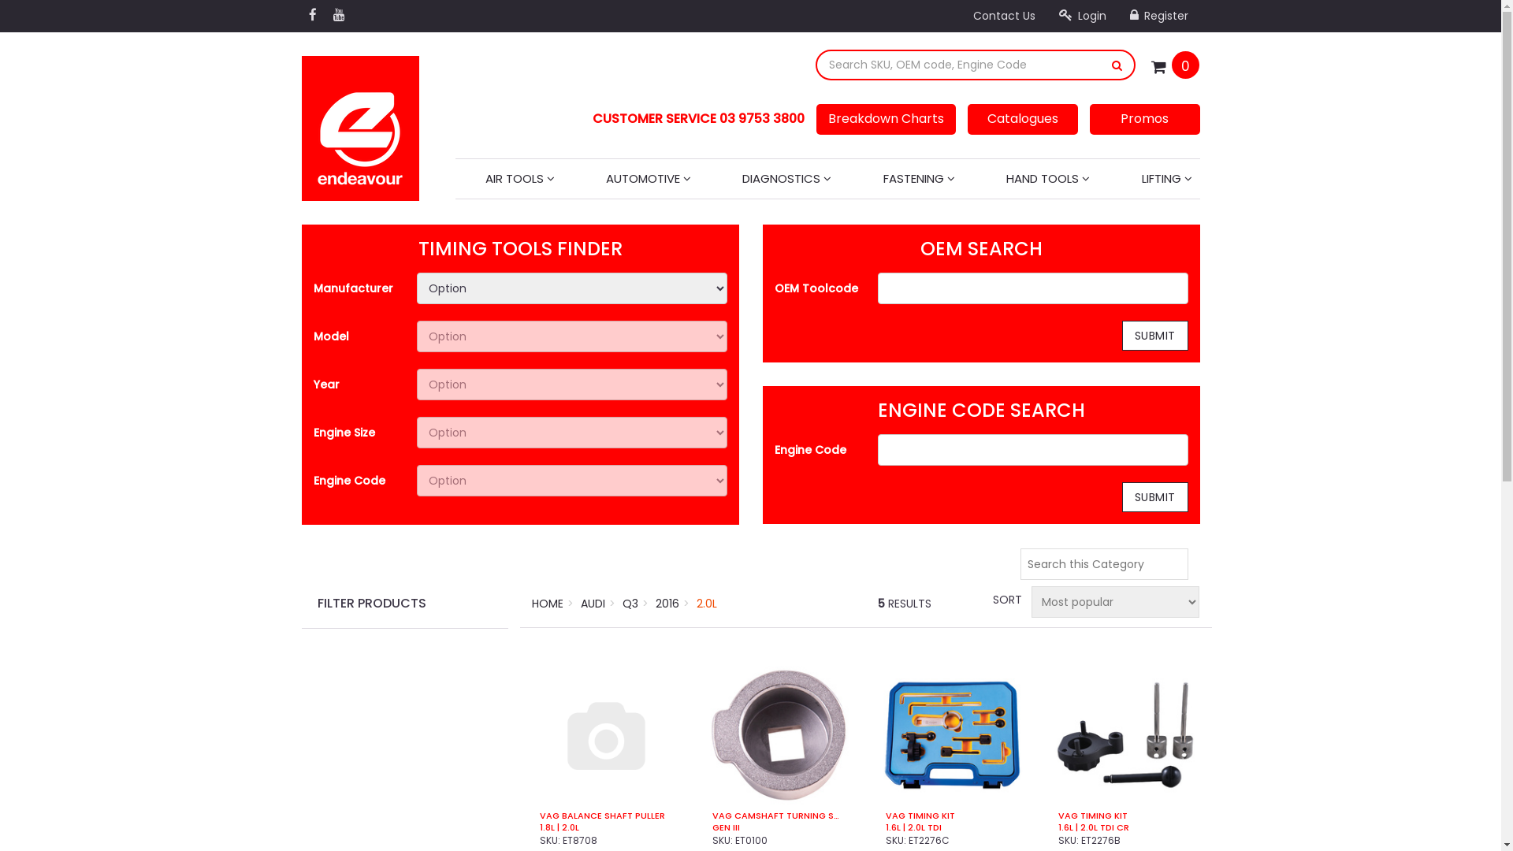 This screenshot has width=1513, height=851. Describe the element at coordinates (1124, 827) in the screenshot. I see `'1.6L | 2.0L TDI CR'` at that location.